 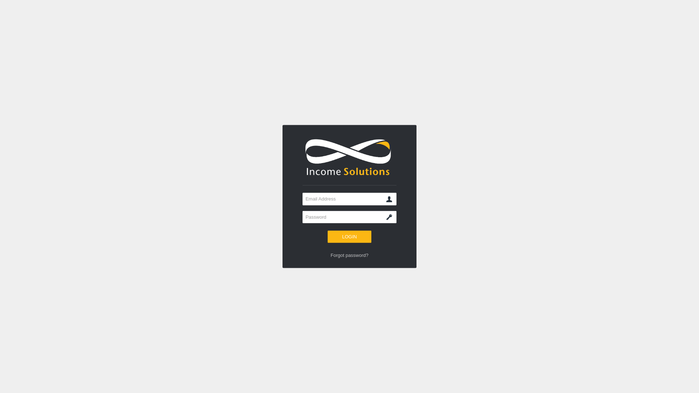 I want to click on 'Incomesolutions', so click(x=349, y=156).